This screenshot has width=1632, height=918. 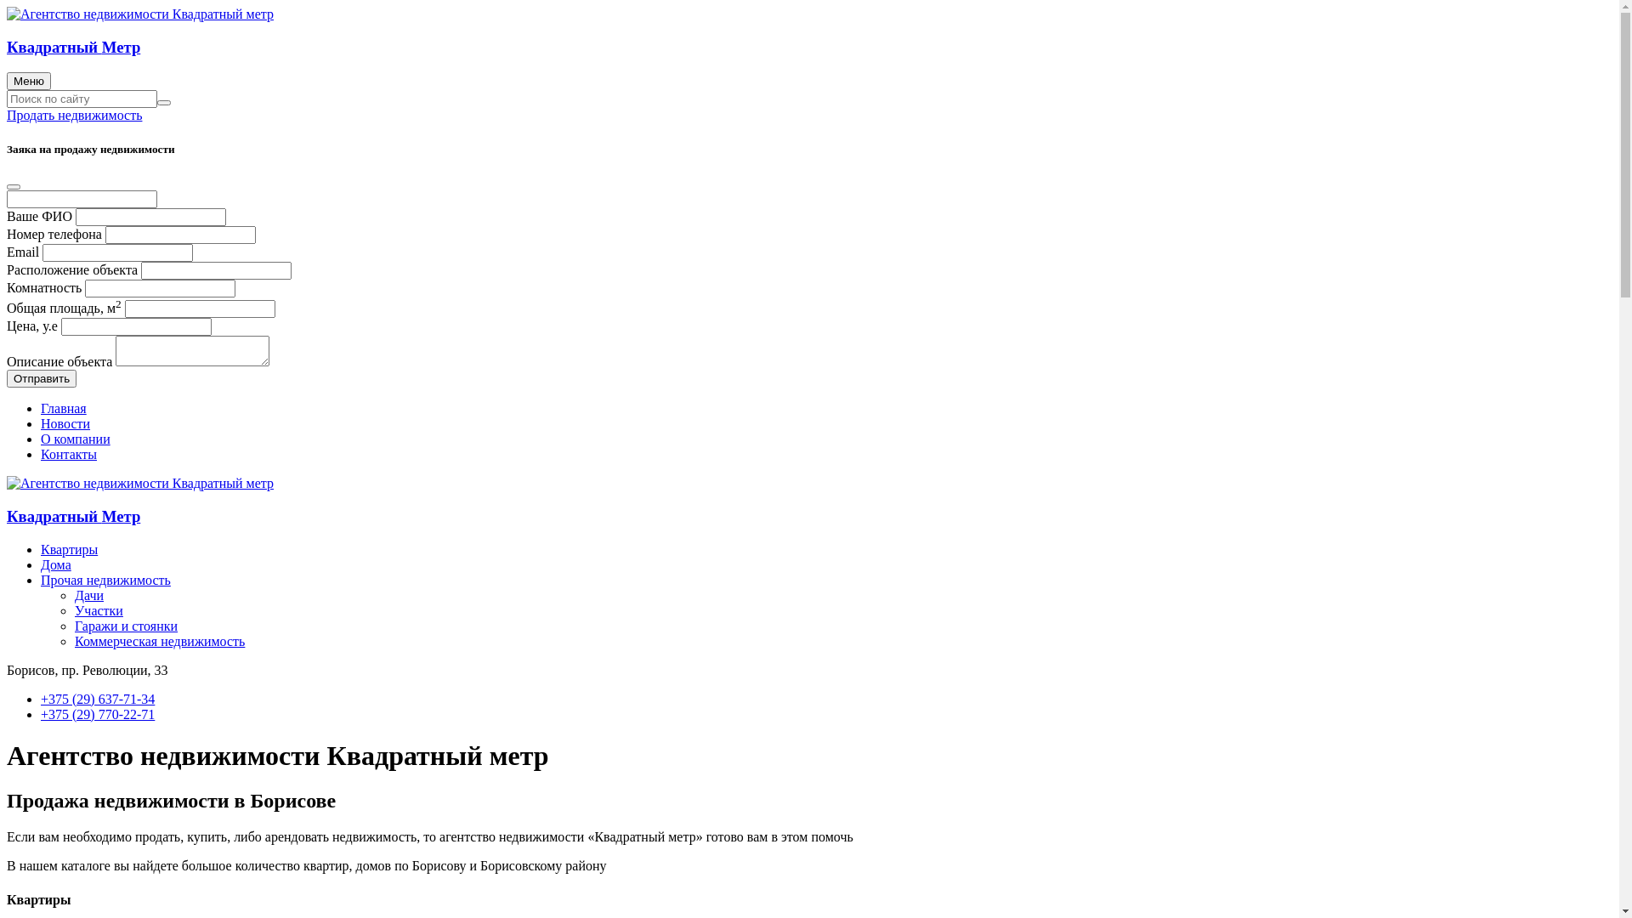 What do you see at coordinates (97, 699) in the screenshot?
I see `'+375 (29) 637-71-34'` at bounding box center [97, 699].